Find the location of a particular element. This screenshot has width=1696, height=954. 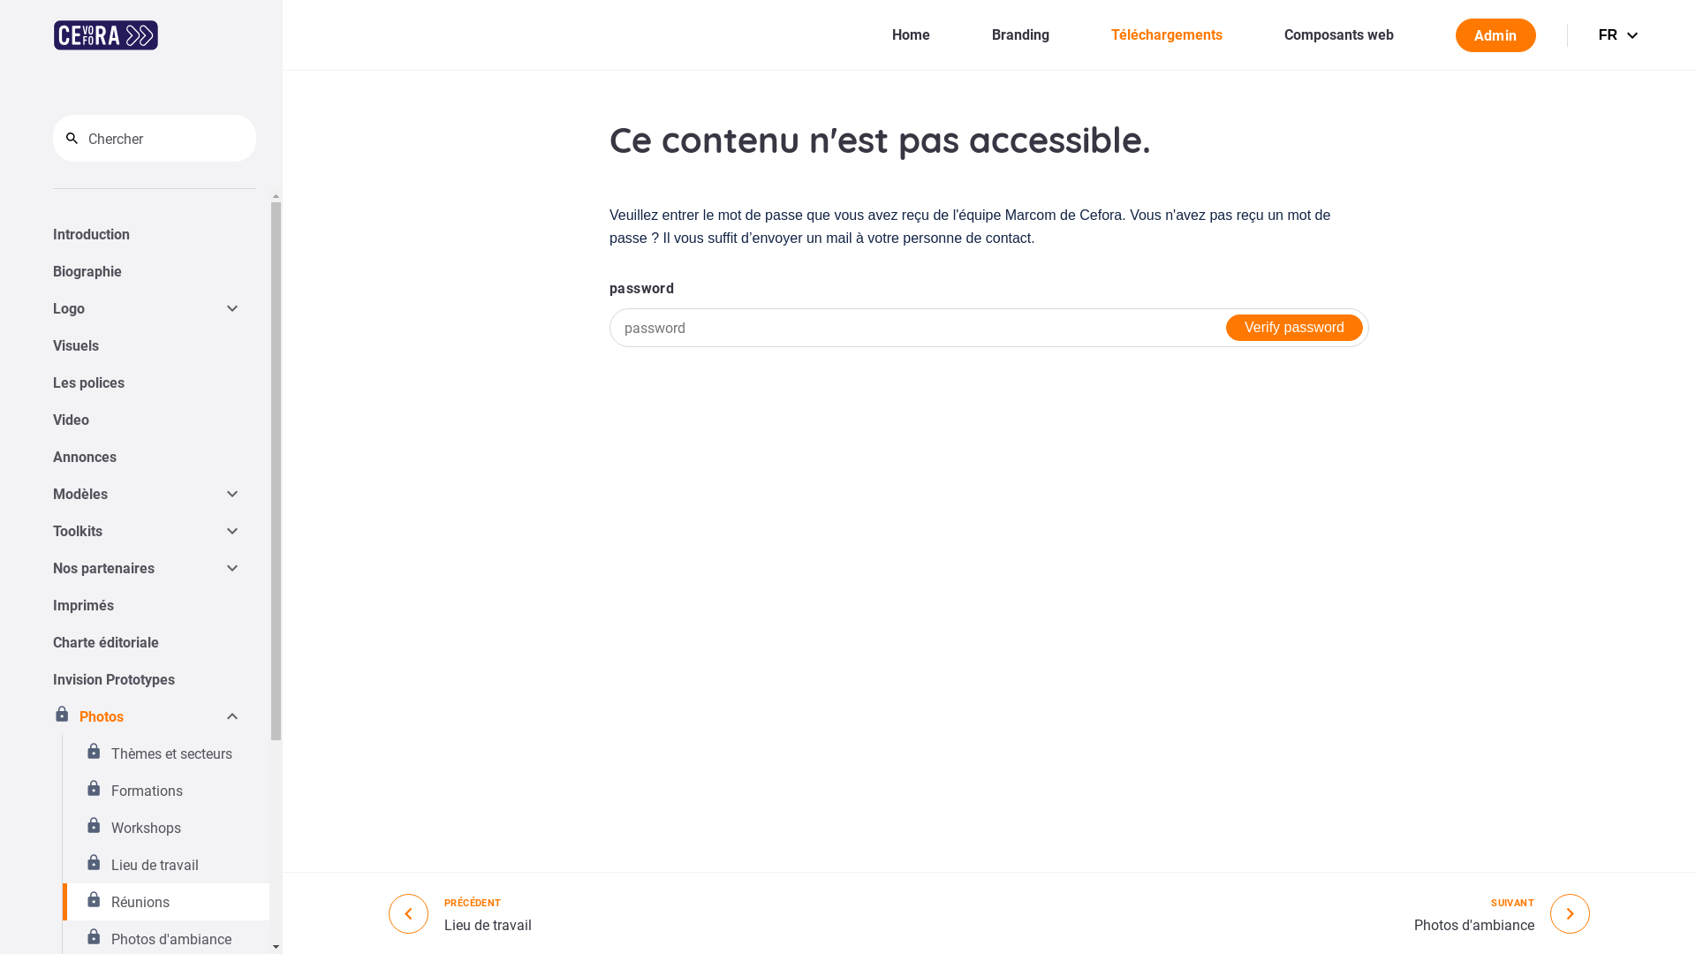

'Annonces' is located at coordinates (148, 455).